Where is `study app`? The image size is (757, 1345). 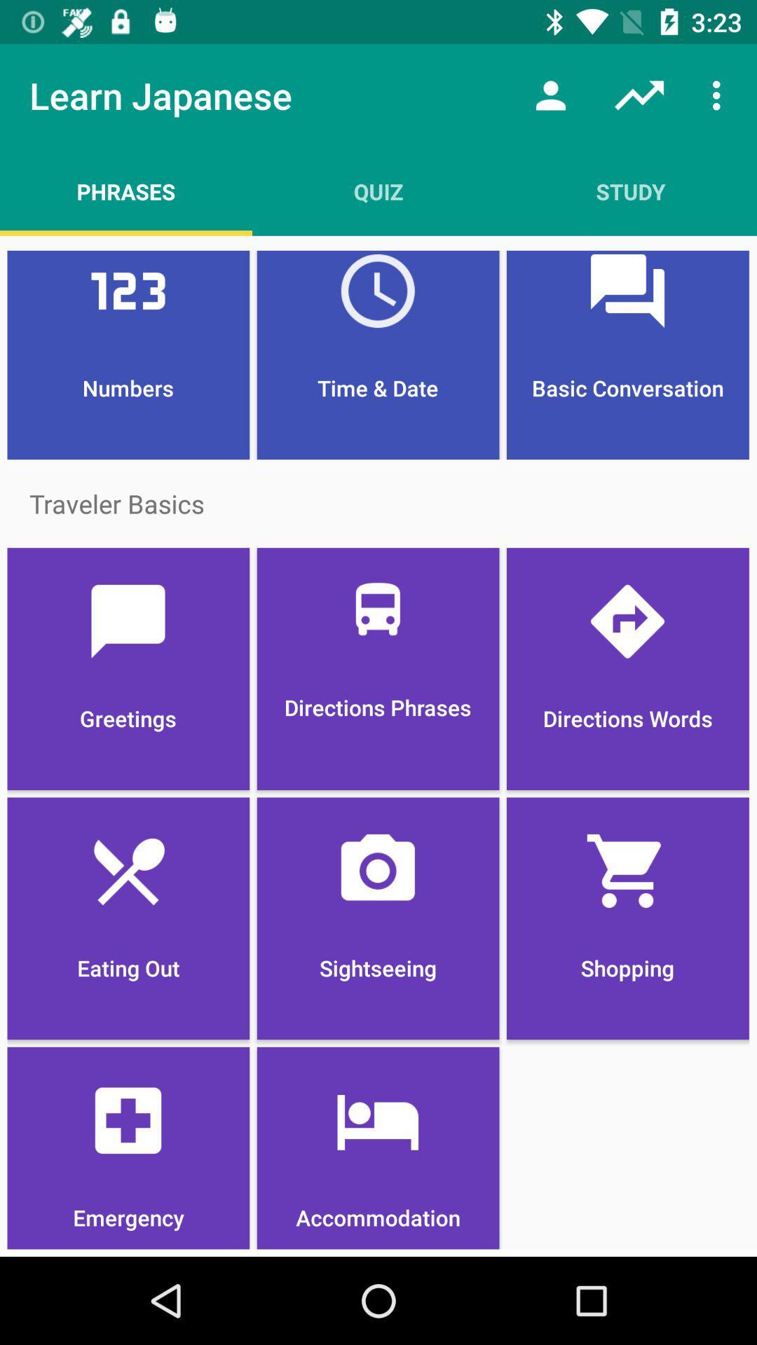
study app is located at coordinates (629, 191).